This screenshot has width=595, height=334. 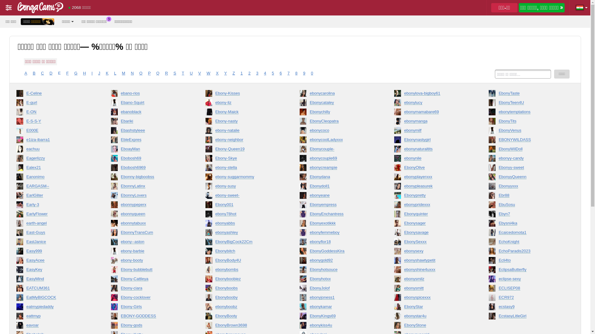 What do you see at coordinates (337, 113) in the screenshot?
I see `'Ebonychilly'` at bounding box center [337, 113].